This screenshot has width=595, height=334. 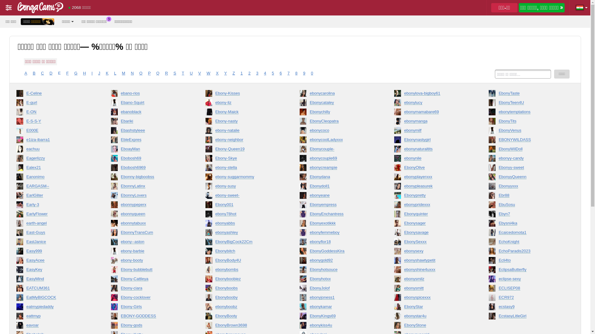 What do you see at coordinates (337, 113) in the screenshot?
I see `'Ebonychilly'` at bounding box center [337, 113].